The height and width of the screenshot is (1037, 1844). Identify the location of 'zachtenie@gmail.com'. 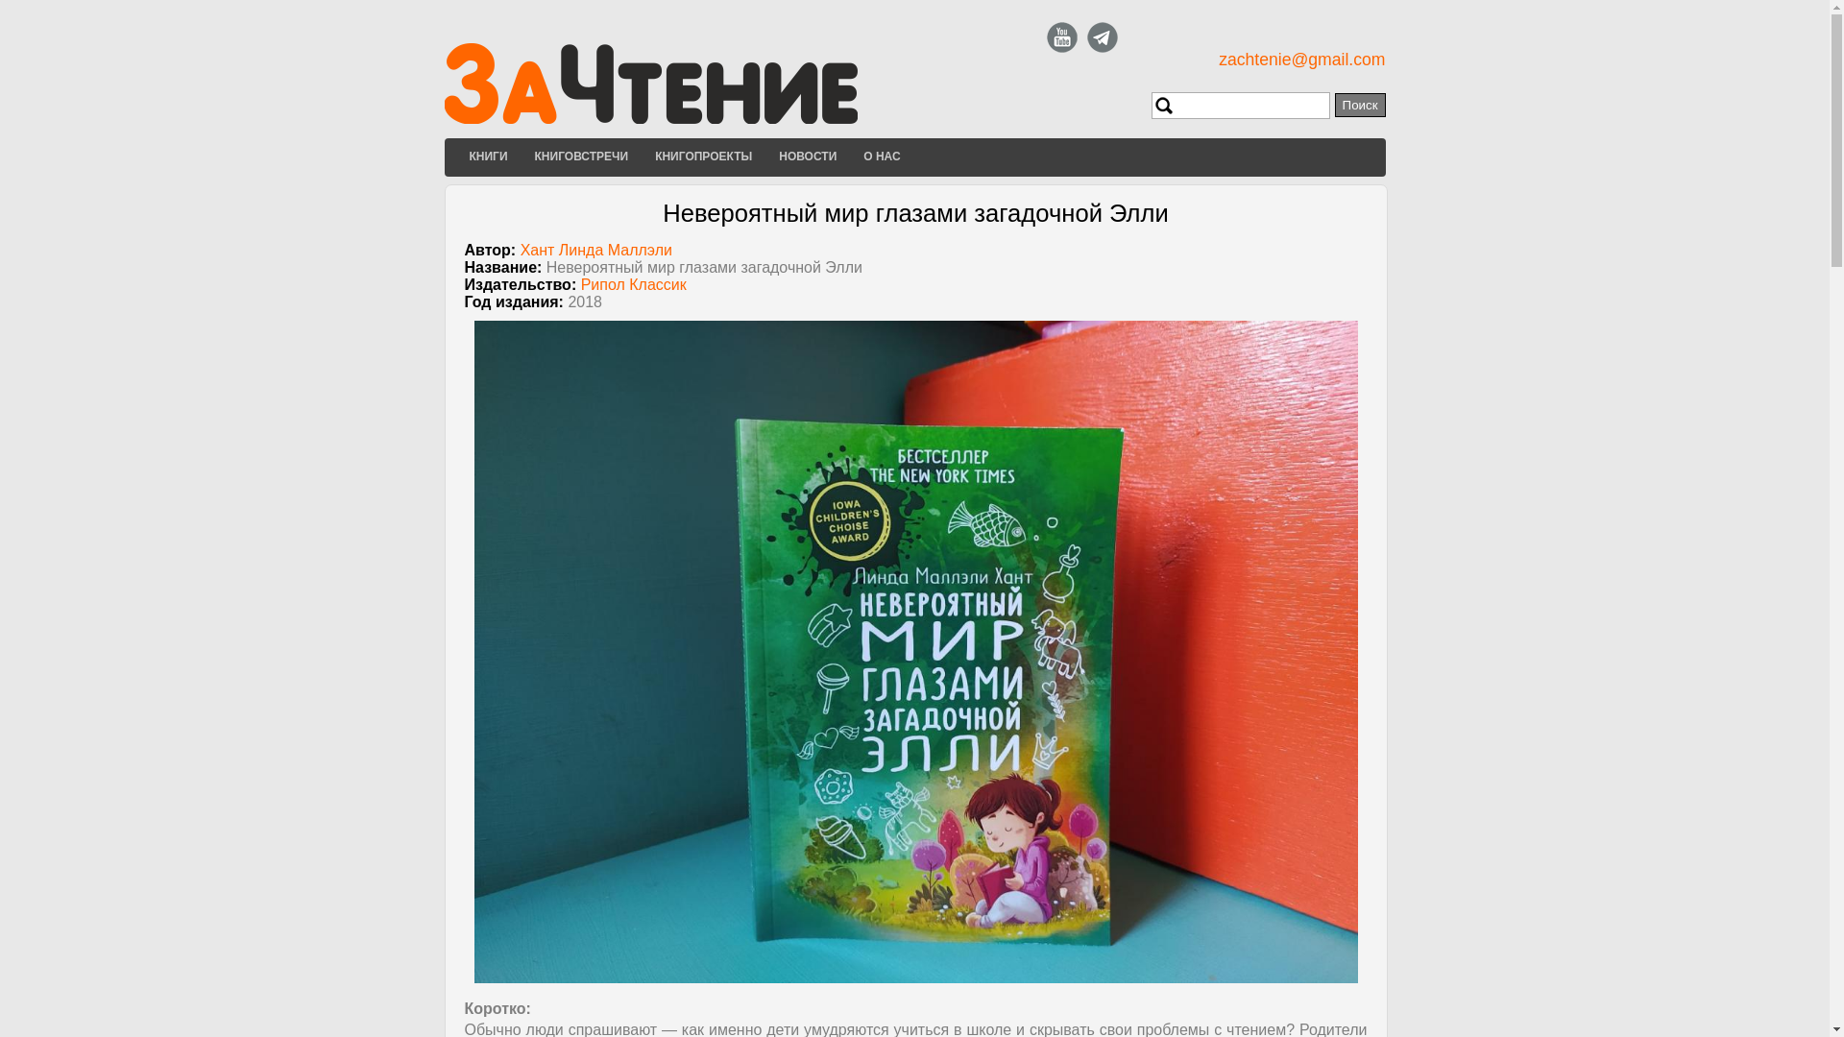
(1217, 58).